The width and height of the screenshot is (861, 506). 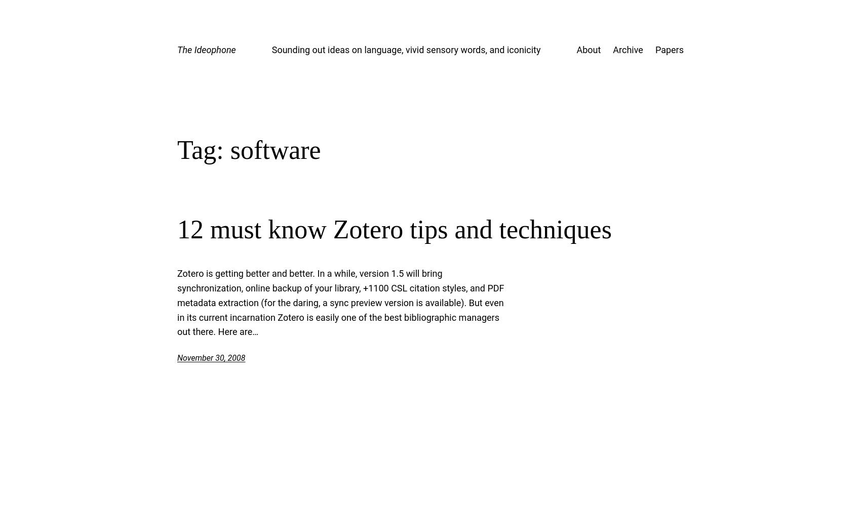 I want to click on 'Zotero is getting better and better. In a while, version 1.5 will bring synchronization, online backup of your library, +1100 CSL citation styles, and PDF metadata extraction (for the daring, a sync preview version is available). But even in its current incarnation Zotero is easily one of the best bibliographic managers out there. Here are…', so click(x=340, y=302).